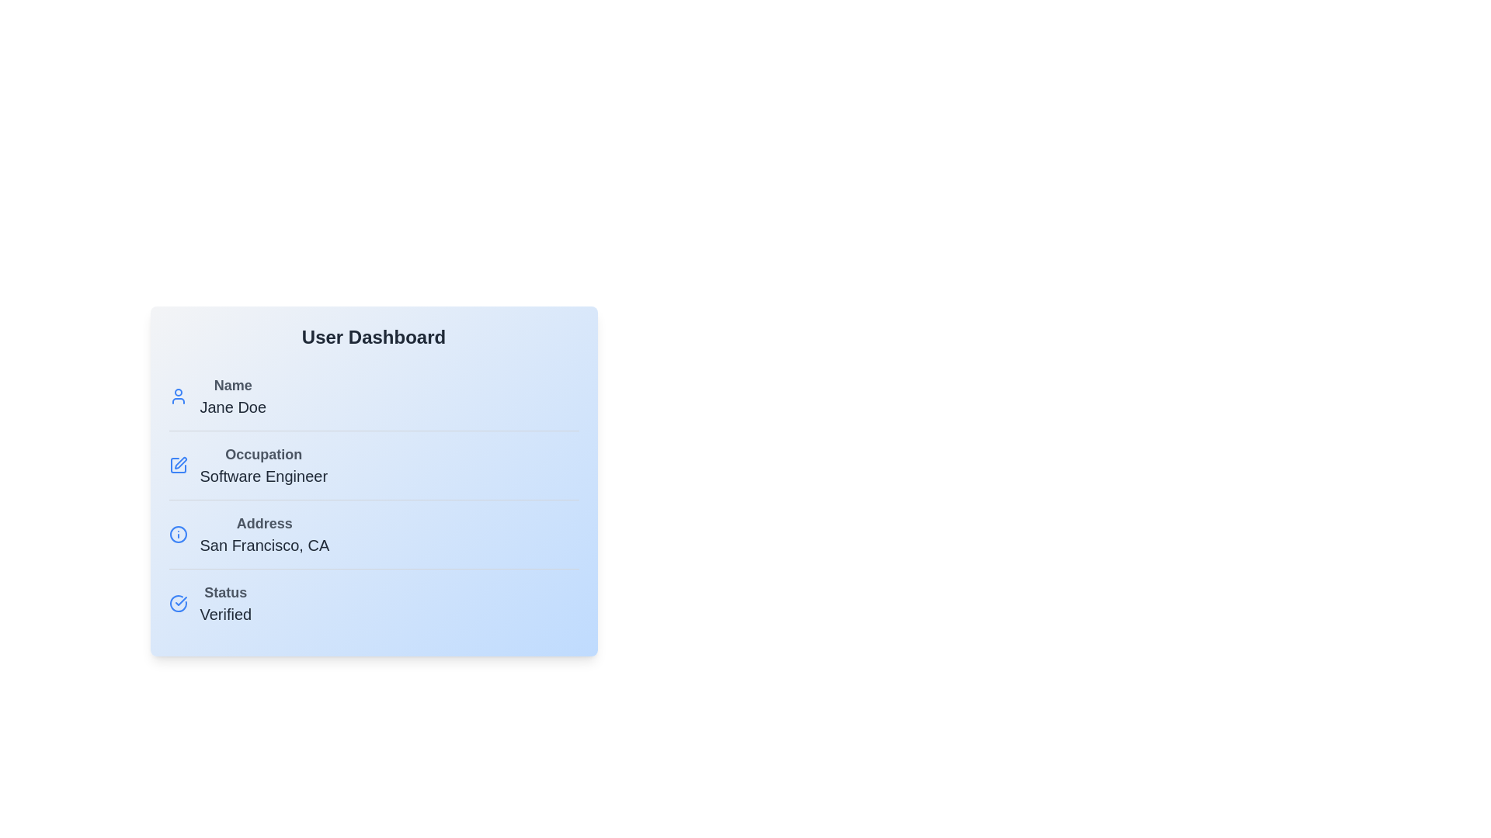  I want to click on information displayed in the text element labeled 'Address' with the value 'San Francisco, CA', which is positioned in the third row of the left-aligned section on the user dashboard, so click(264, 534).